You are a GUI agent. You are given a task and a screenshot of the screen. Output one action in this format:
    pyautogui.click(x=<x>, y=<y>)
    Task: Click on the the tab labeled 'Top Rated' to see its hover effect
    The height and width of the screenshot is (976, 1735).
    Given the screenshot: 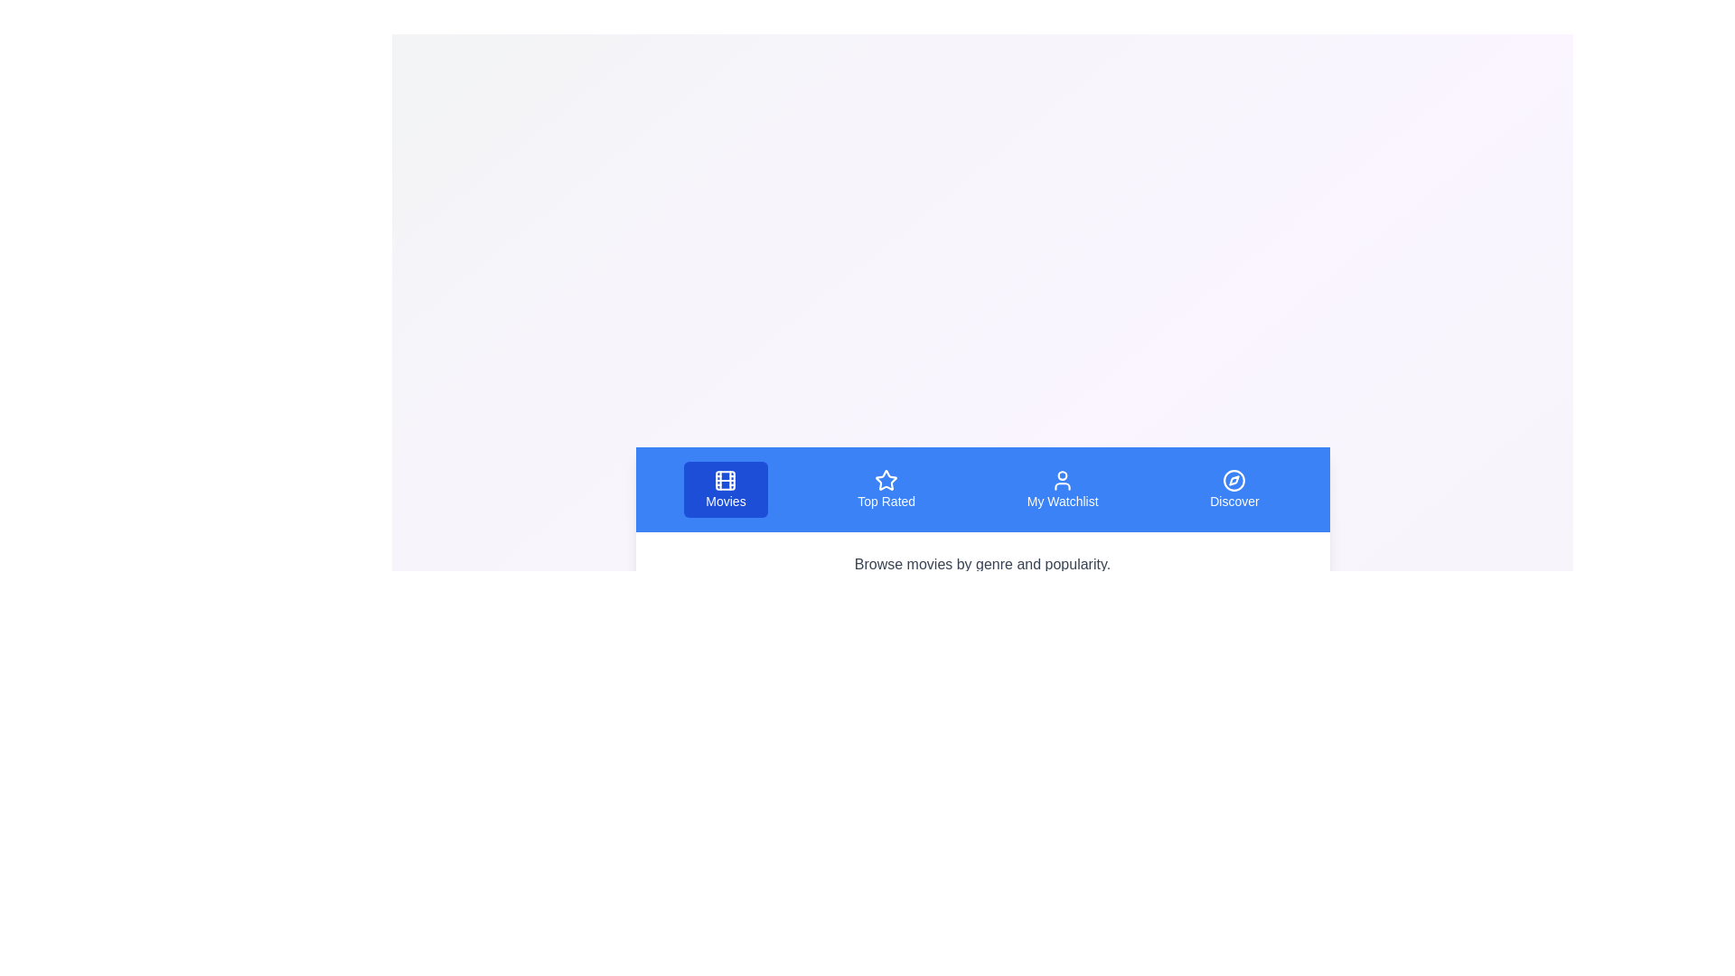 What is the action you would take?
    pyautogui.click(x=886, y=490)
    